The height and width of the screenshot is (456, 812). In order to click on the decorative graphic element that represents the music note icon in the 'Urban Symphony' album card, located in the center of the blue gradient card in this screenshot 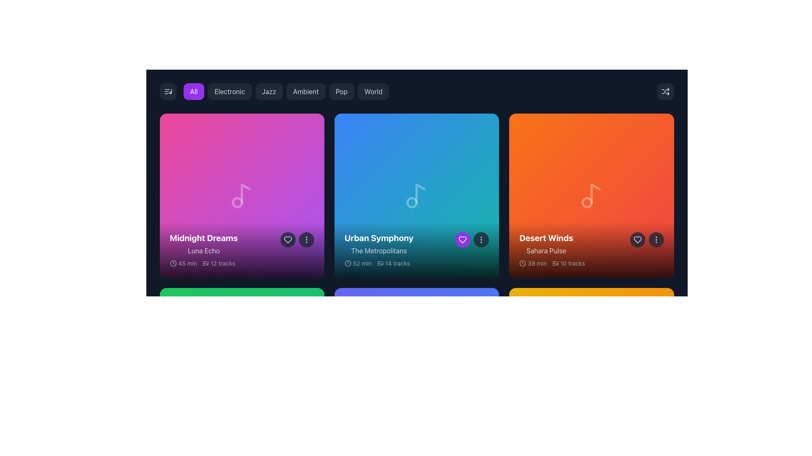, I will do `click(412, 202)`.